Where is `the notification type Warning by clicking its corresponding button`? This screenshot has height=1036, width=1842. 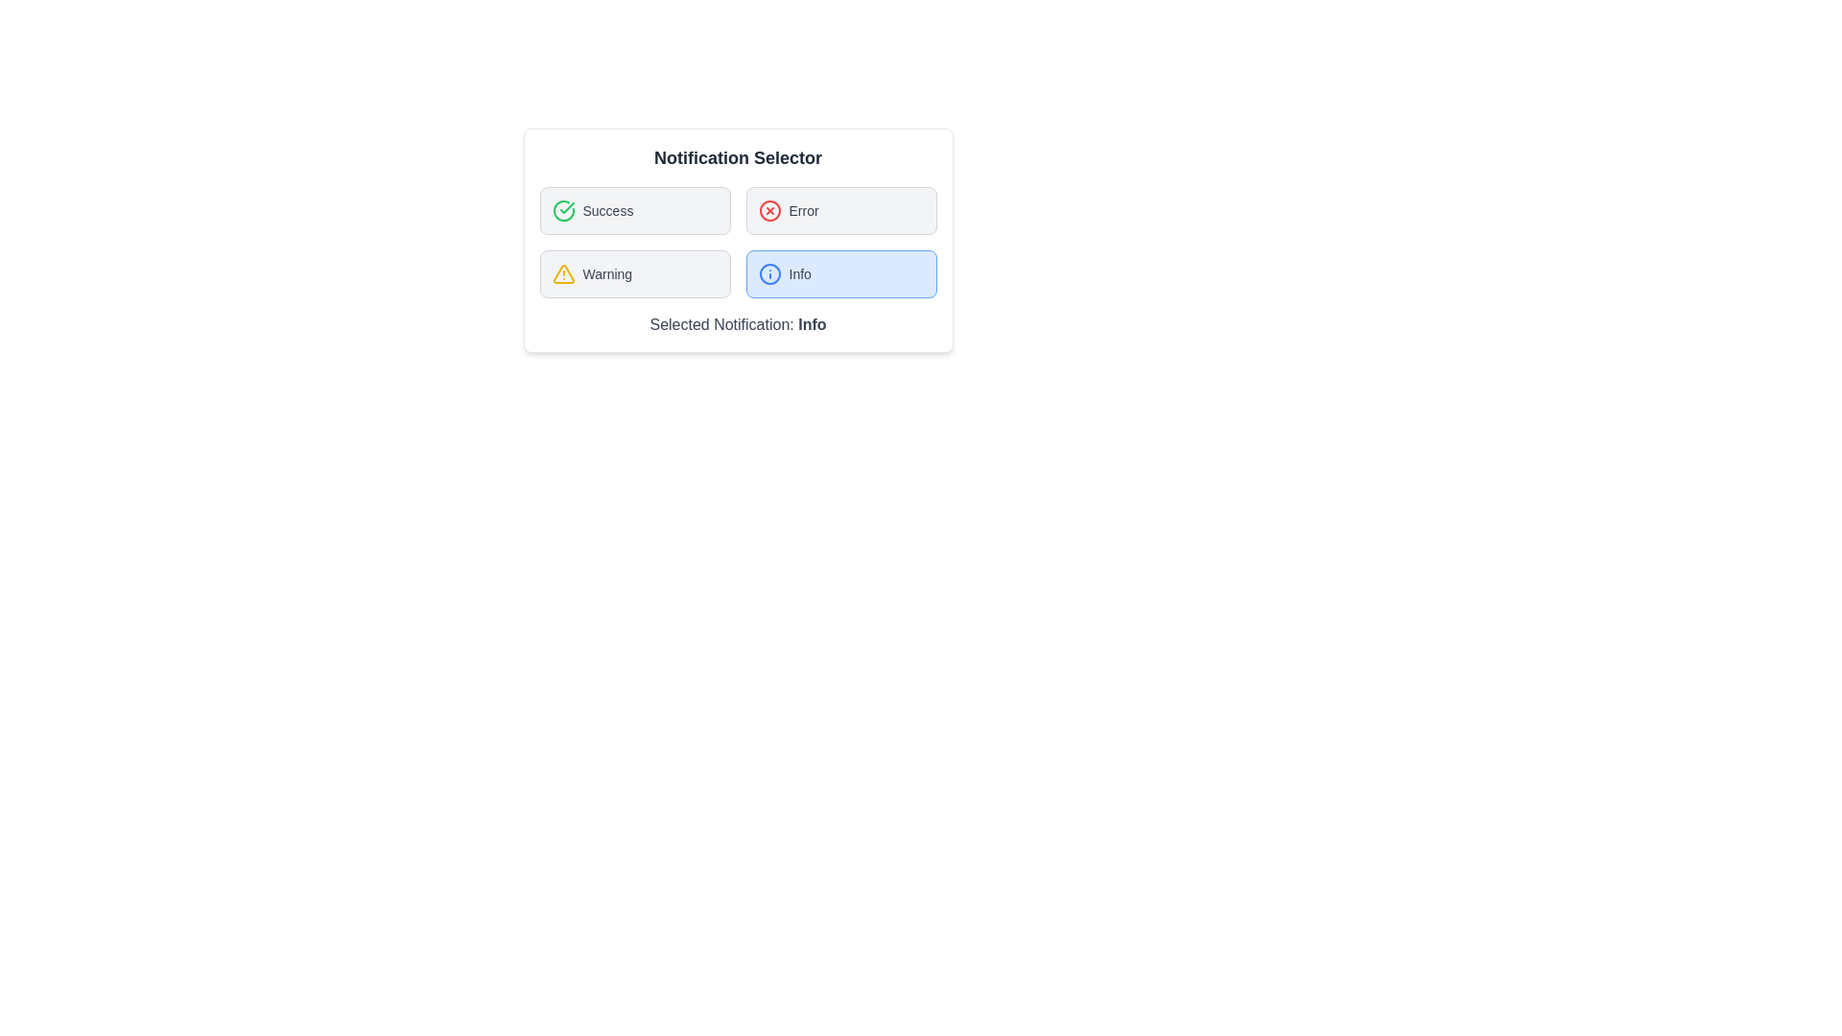
the notification type Warning by clicking its corresponding button is located at coordinates (635, 273).